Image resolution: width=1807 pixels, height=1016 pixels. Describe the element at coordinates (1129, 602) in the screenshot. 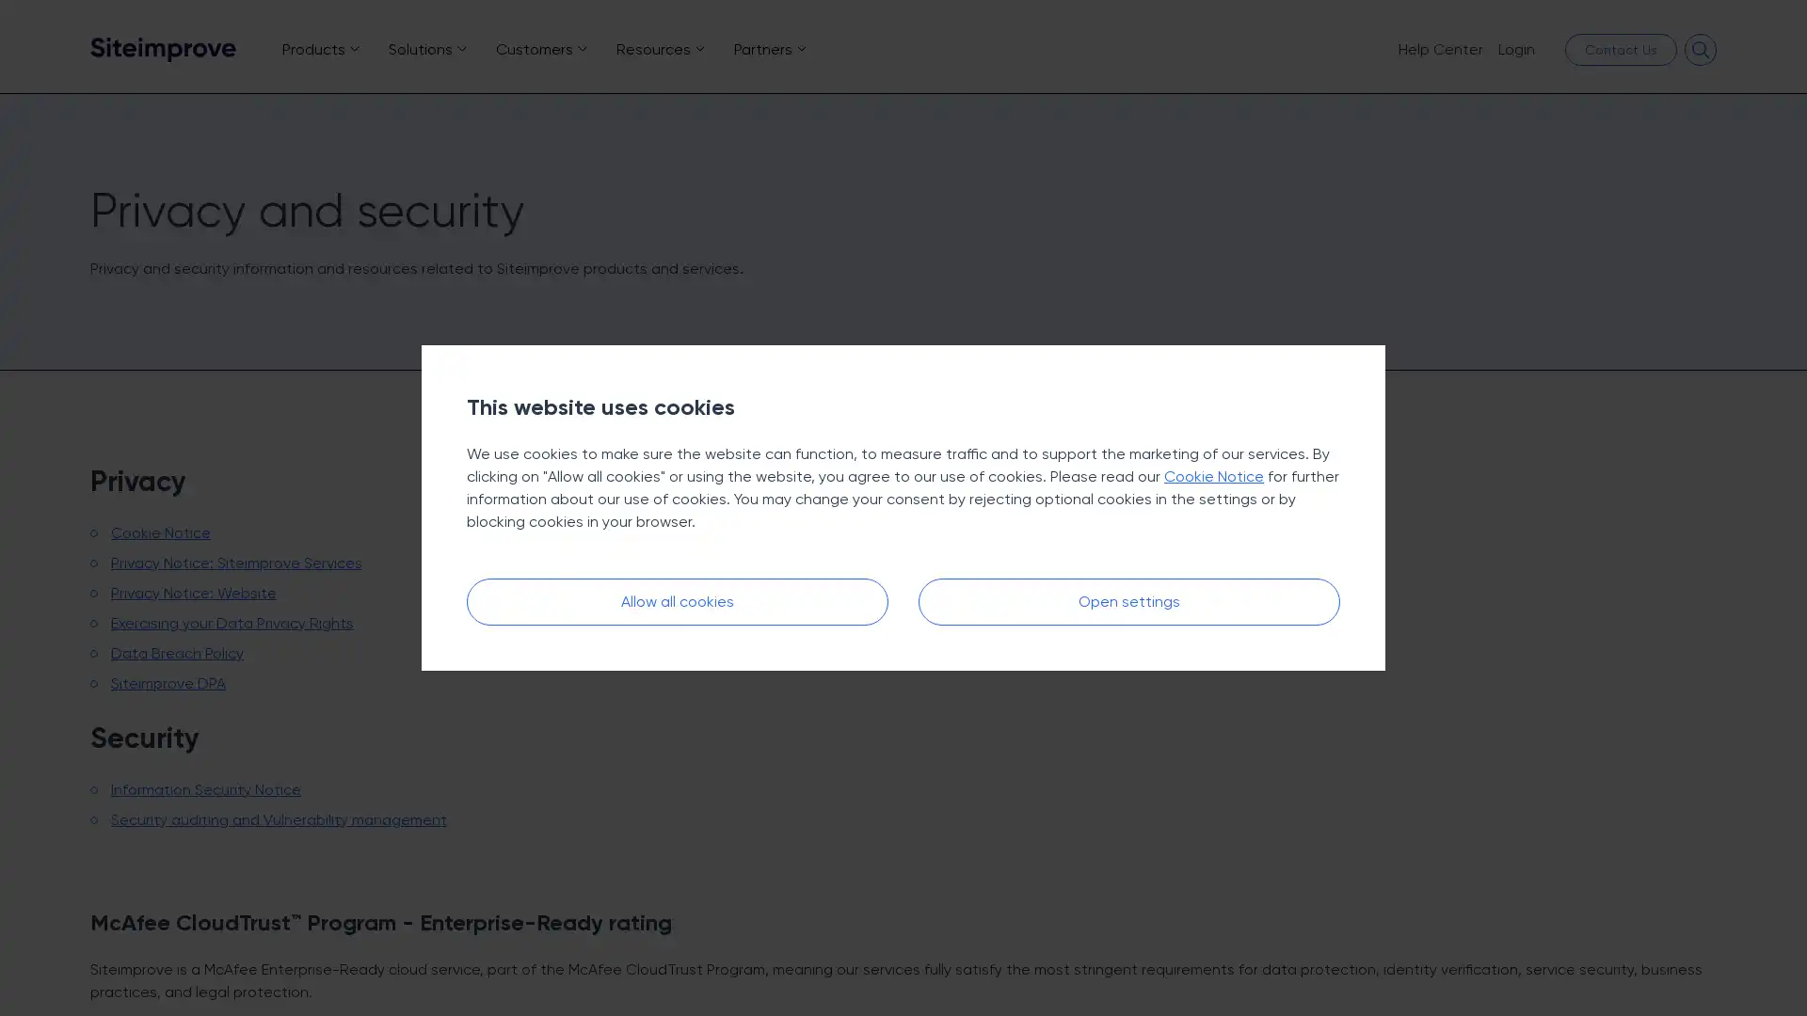

I see `Open settings` at that location.